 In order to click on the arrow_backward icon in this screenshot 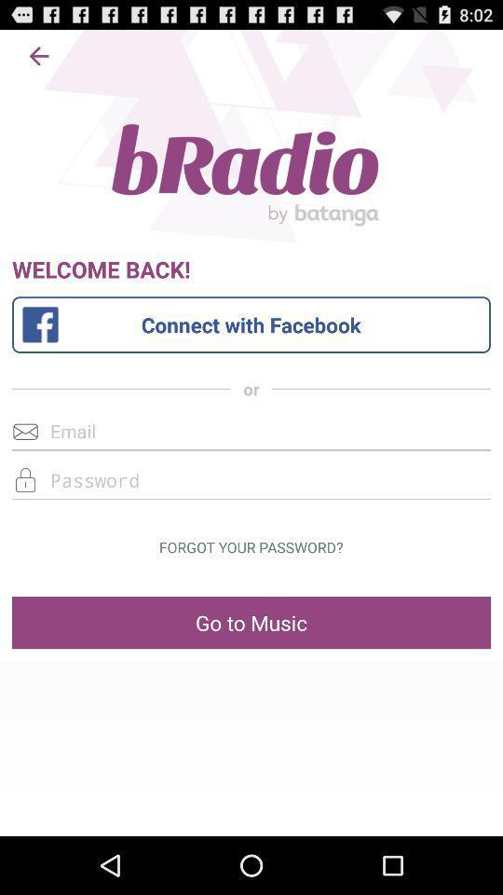, I will do `click(39, 60)`.